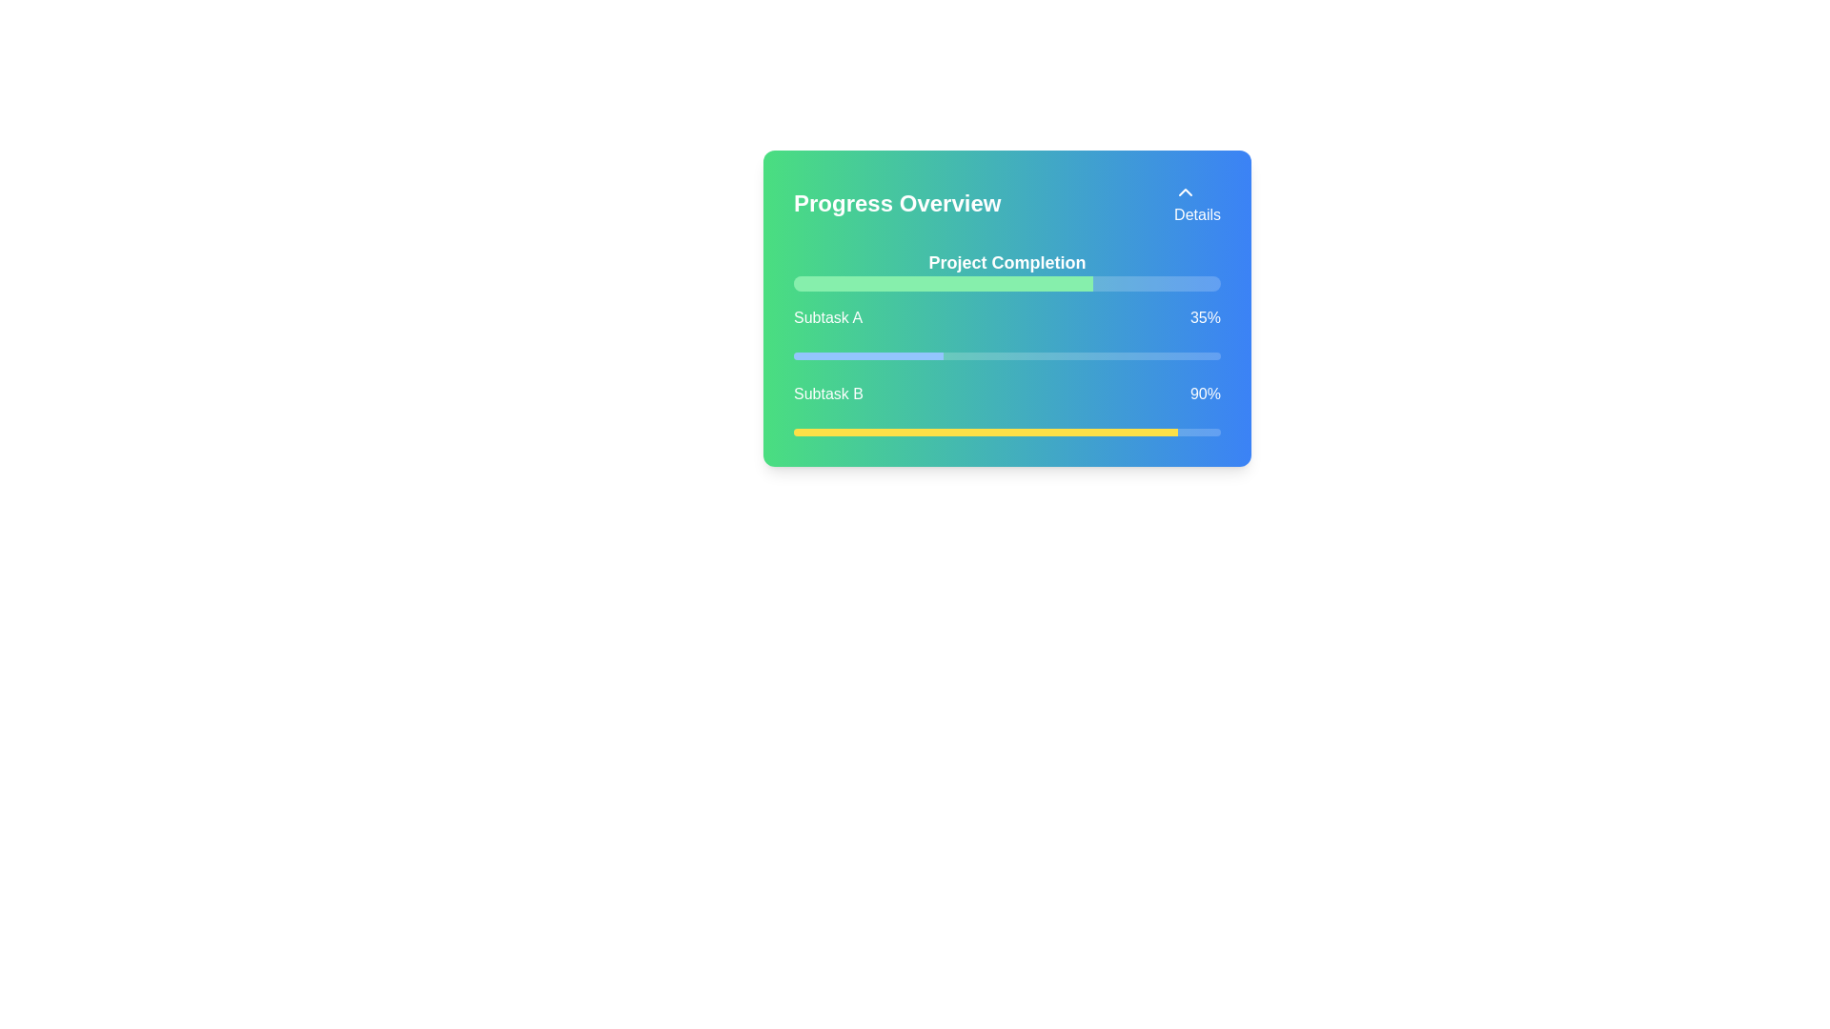 The width and height of the screenshot is (1830, 1029). I want to click on the progress bar indicating 'Subtask A' which visually represents task completion with a filled segment showing '35%', so click(1006, 356).